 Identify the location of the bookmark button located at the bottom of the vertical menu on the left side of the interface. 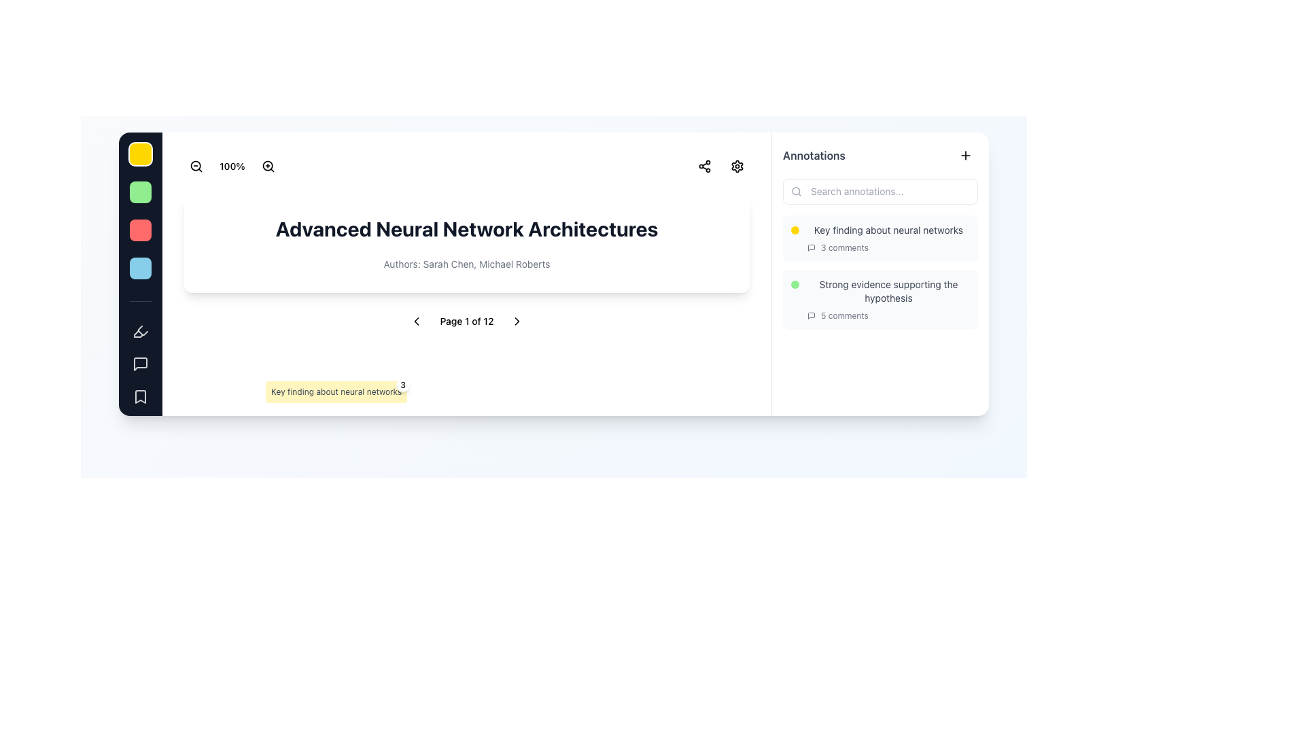
(140, 396).